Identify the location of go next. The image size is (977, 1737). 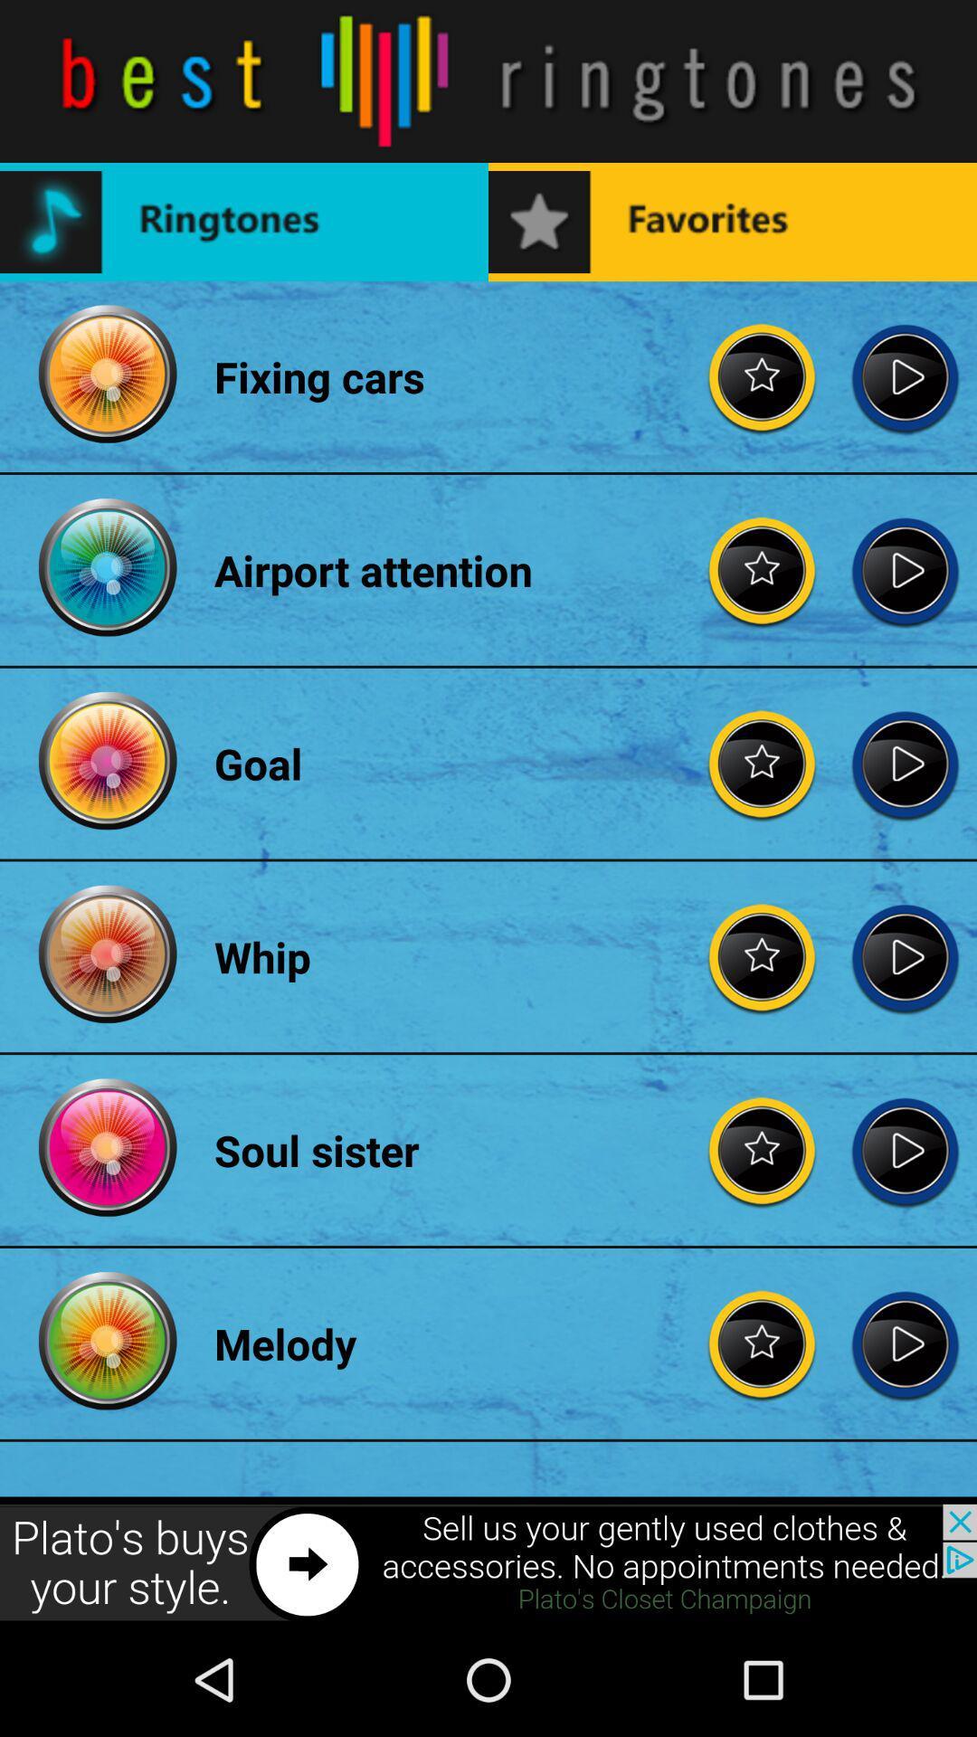
(905, 1343).